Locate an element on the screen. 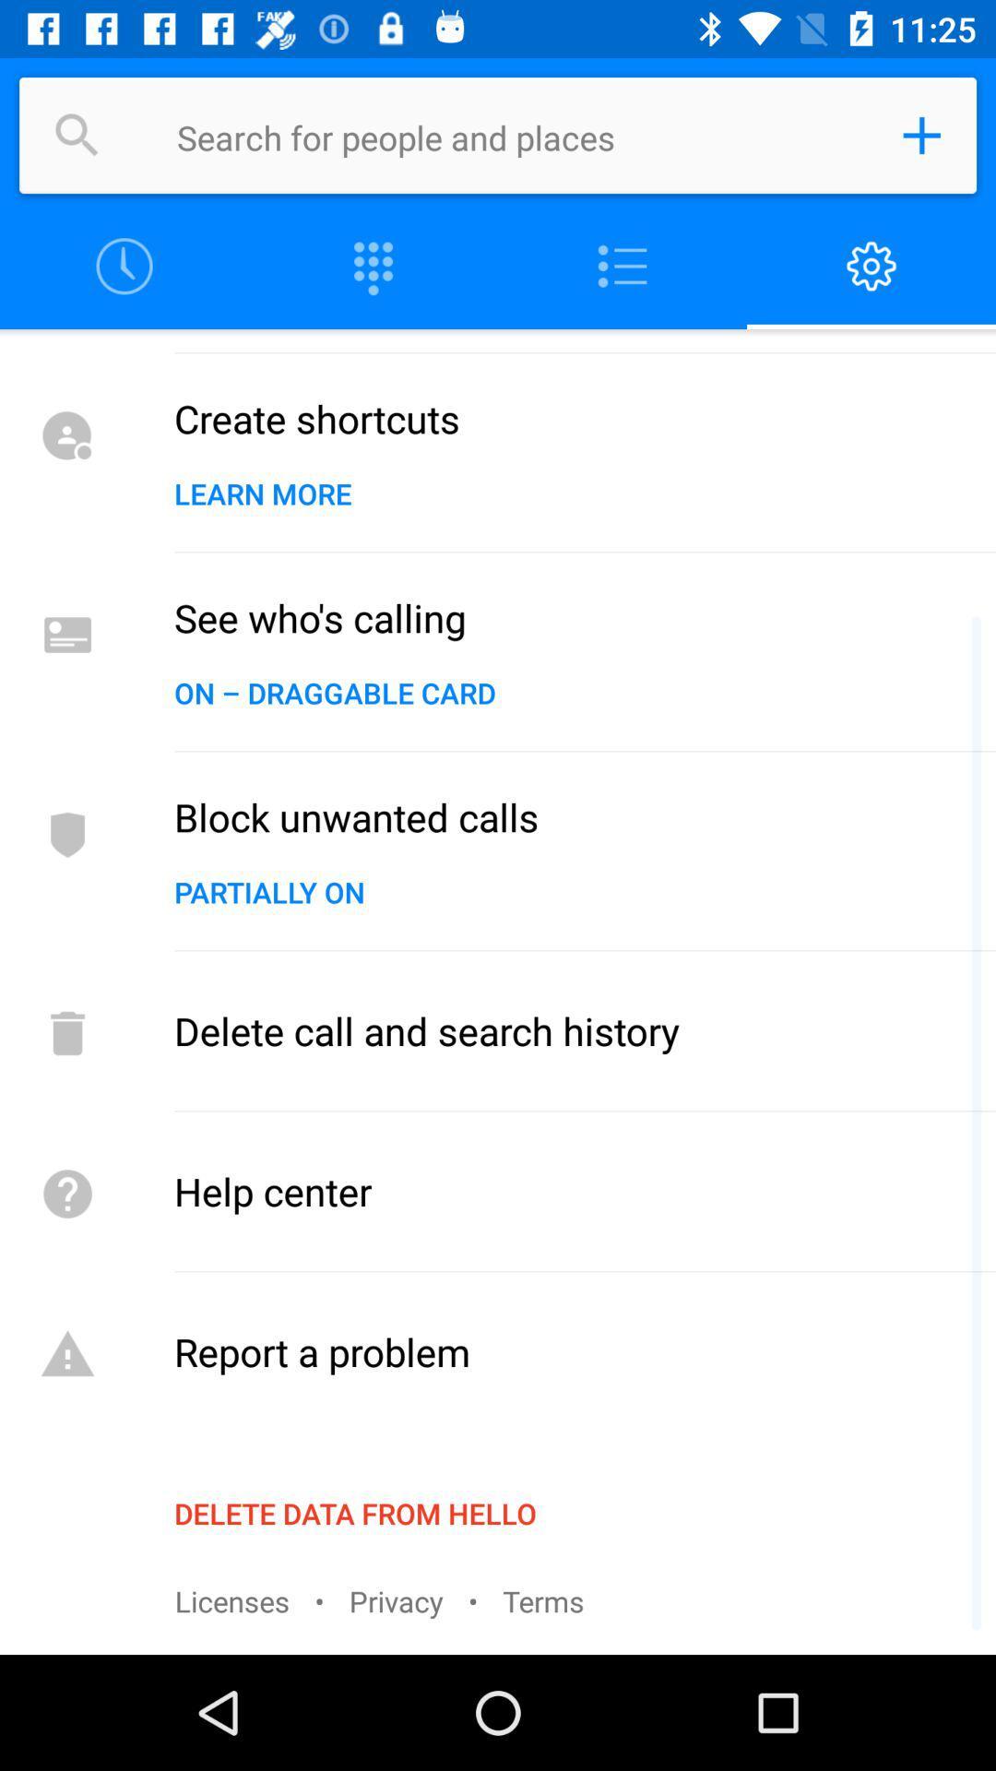  delete data from item is located at coordinates (355, 1513).